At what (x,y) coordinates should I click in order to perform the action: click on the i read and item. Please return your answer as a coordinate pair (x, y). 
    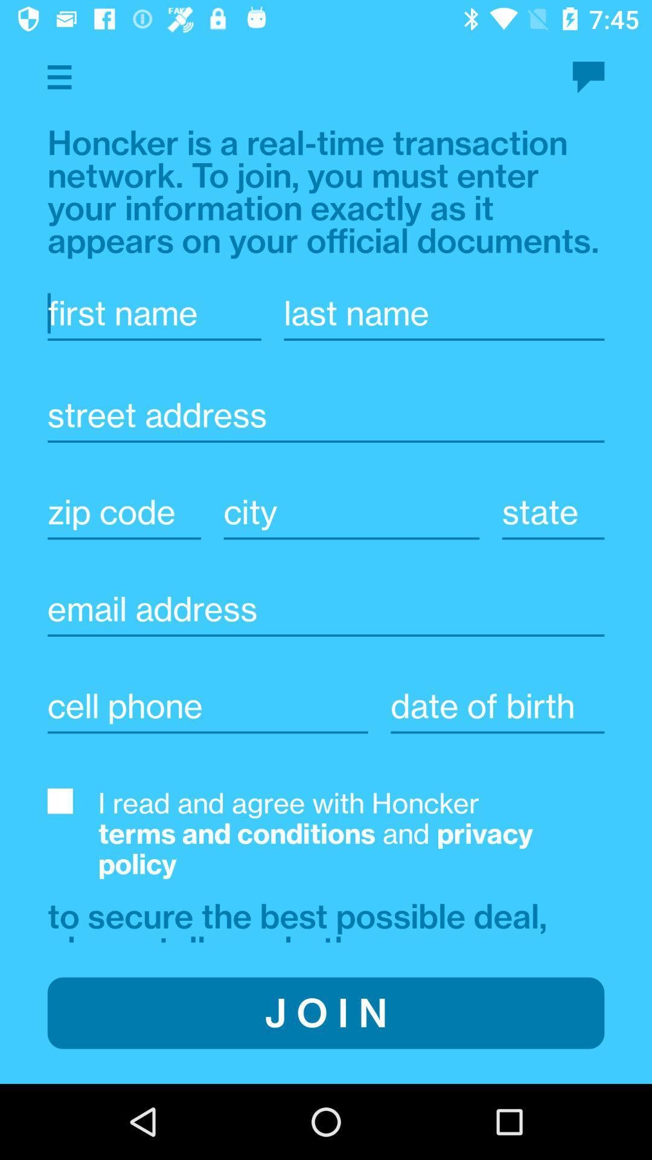
    Looking at the image, I should click on (351, 833).